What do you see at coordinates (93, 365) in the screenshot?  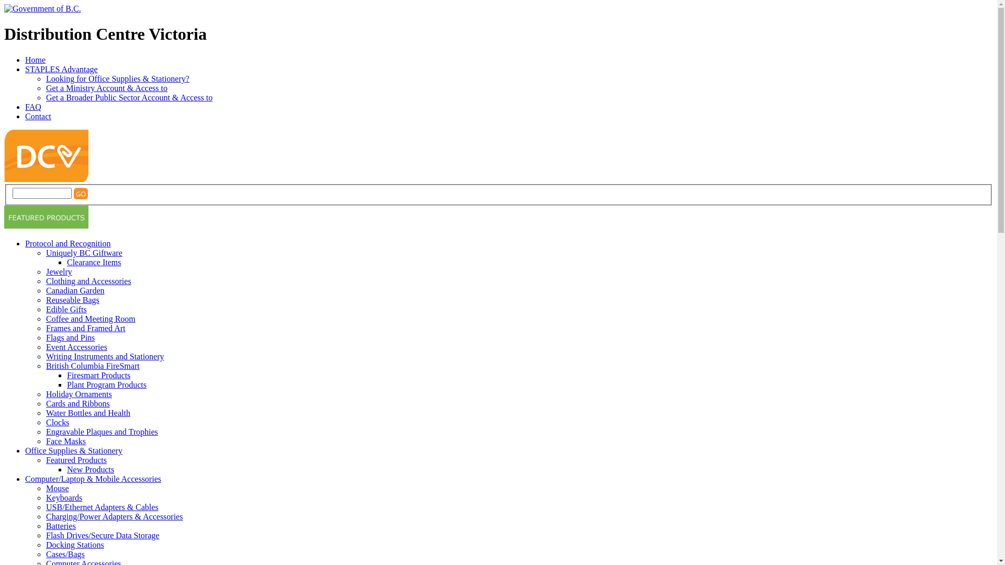 I see `'British Columbia FireSmart'` at bounding box center [93, 365].